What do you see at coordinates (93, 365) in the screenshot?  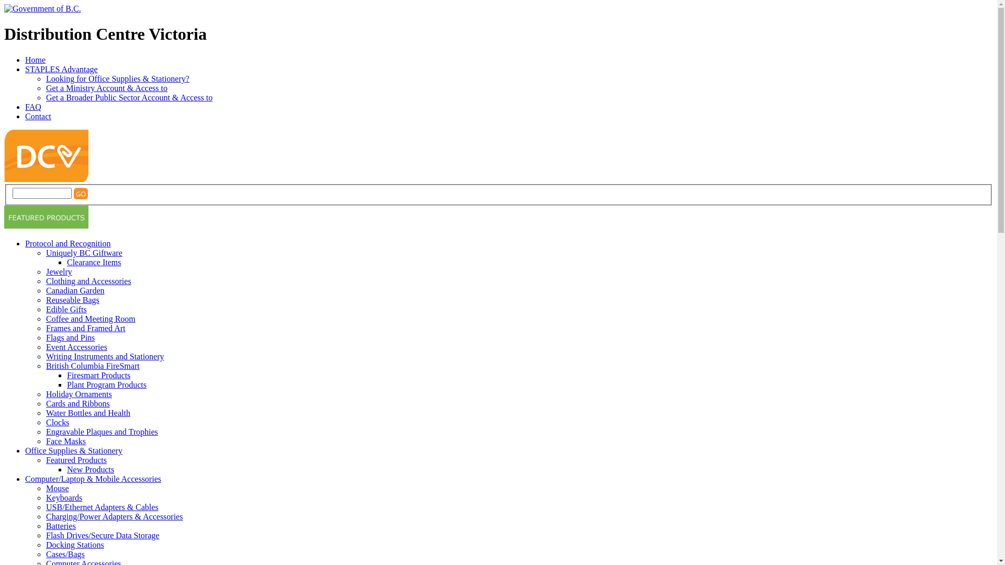 I see `'British Columbia FireSmart'` at bounding box center [93, 365].